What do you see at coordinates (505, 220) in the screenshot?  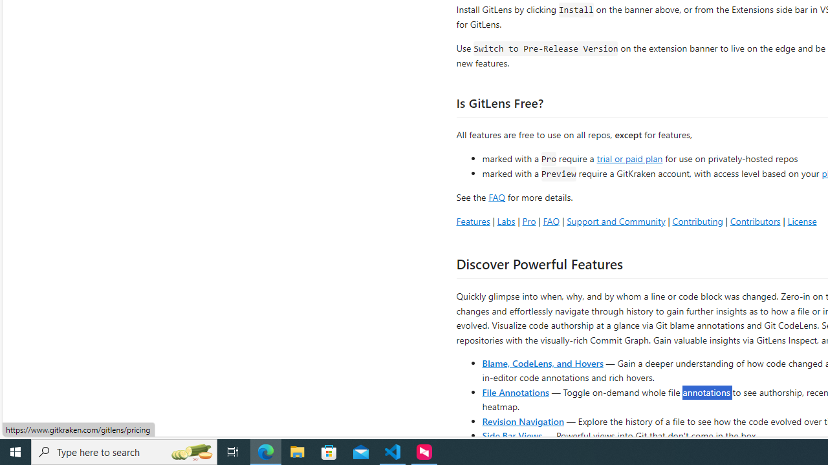 I see `'Labs'` at bounding box center [505, 220].